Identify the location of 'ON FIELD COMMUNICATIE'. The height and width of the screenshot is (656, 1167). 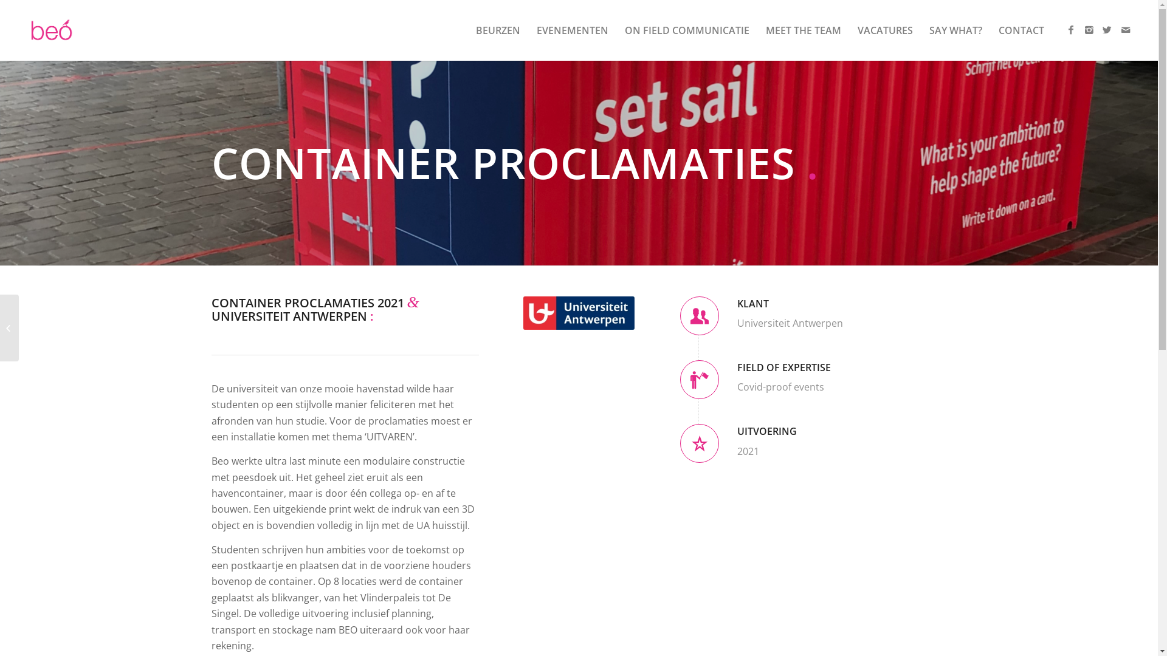
(686, 30).